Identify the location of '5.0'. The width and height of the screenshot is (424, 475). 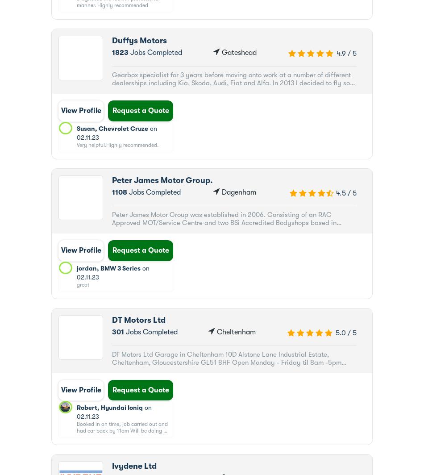
(340, 333).